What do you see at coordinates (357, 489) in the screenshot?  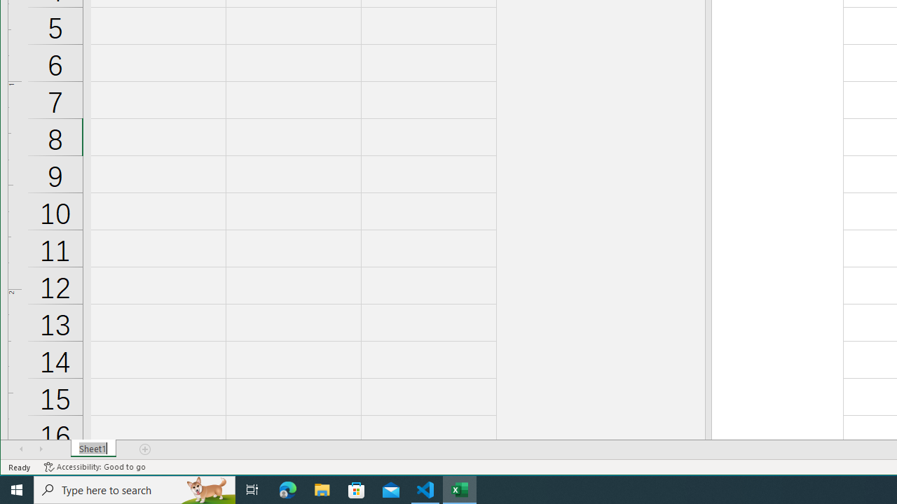 I see `'Microsoft Store'` at bounding box center [357, 489].